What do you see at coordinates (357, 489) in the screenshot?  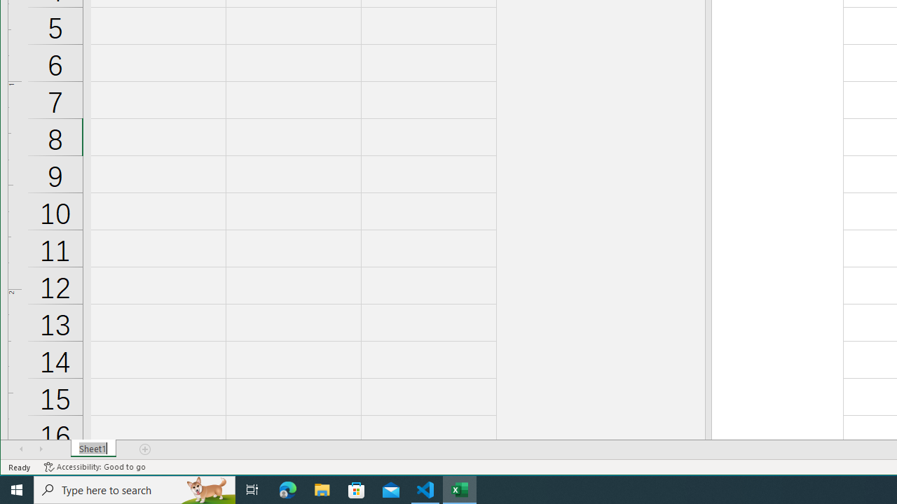 I see `'Microsoft Store'` at bounding box center [357, 489].